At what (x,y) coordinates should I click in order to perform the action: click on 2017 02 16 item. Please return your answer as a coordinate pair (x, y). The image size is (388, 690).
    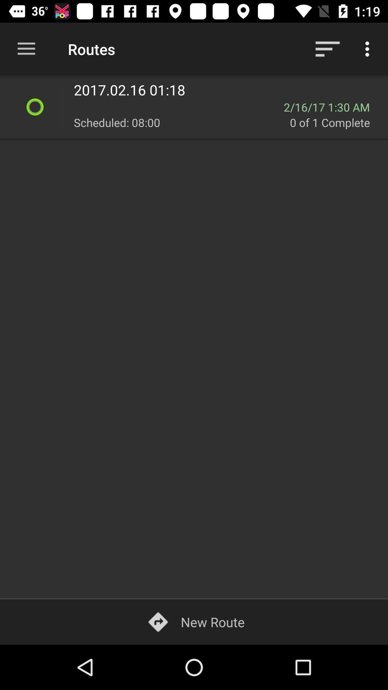
    Looking at the image, I should click on (226, 89).